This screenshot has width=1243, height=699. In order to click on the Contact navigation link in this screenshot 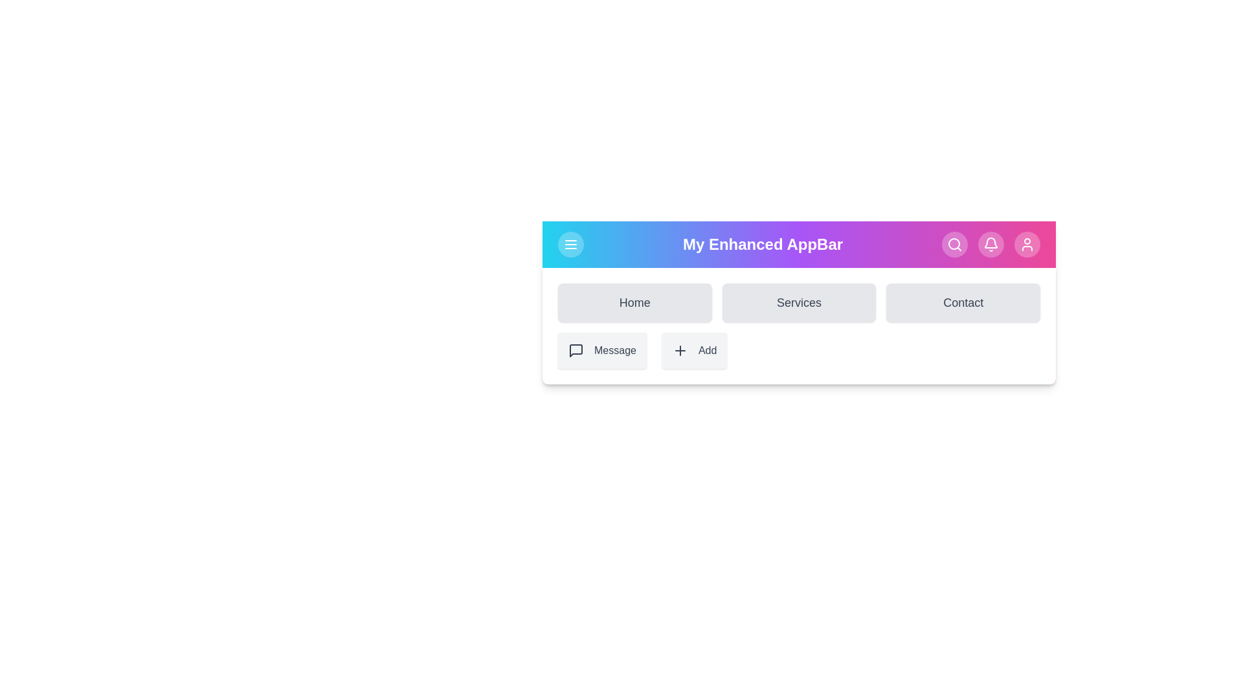, I will do `click(963, 302)`.